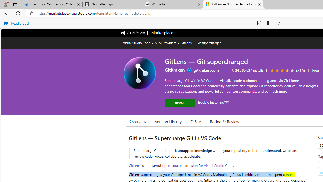 This screenshot has height=182, width=323. What do you see at coordinates (180, 103) in the screenshot?
I see `'Install'` at bounding box center [180, 103].